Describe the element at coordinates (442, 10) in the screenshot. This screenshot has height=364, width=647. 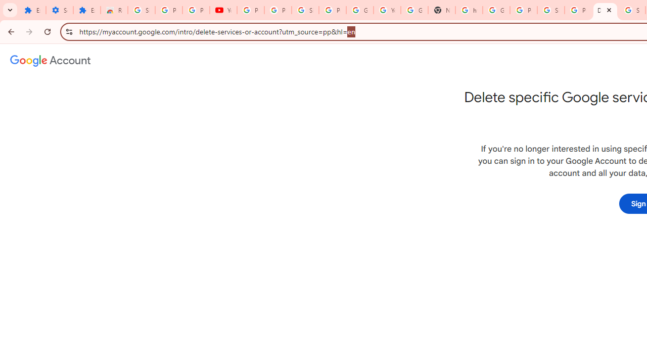
I see `'New Tab'` at that location.